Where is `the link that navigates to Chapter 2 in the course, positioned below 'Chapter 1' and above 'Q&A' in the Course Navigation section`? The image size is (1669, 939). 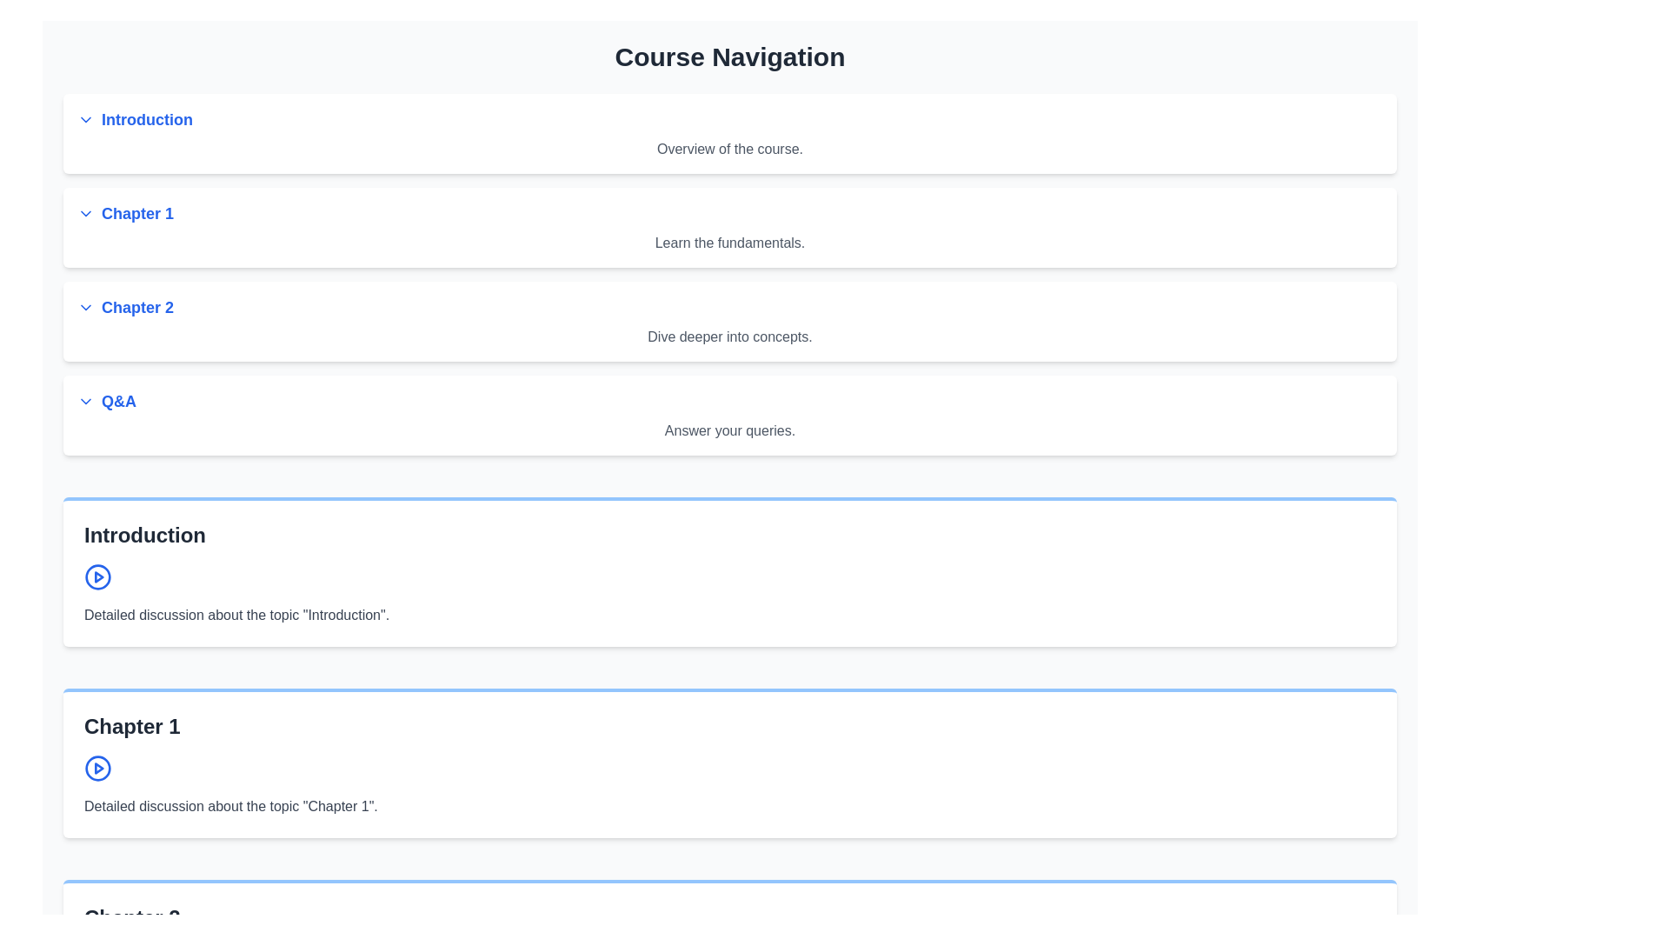 the link that navigates to Chapter 2 in the course, positioned below 'Chapter 1' and above 'Q&A' in the Course Navigation section is located at coordinates (730, 307).